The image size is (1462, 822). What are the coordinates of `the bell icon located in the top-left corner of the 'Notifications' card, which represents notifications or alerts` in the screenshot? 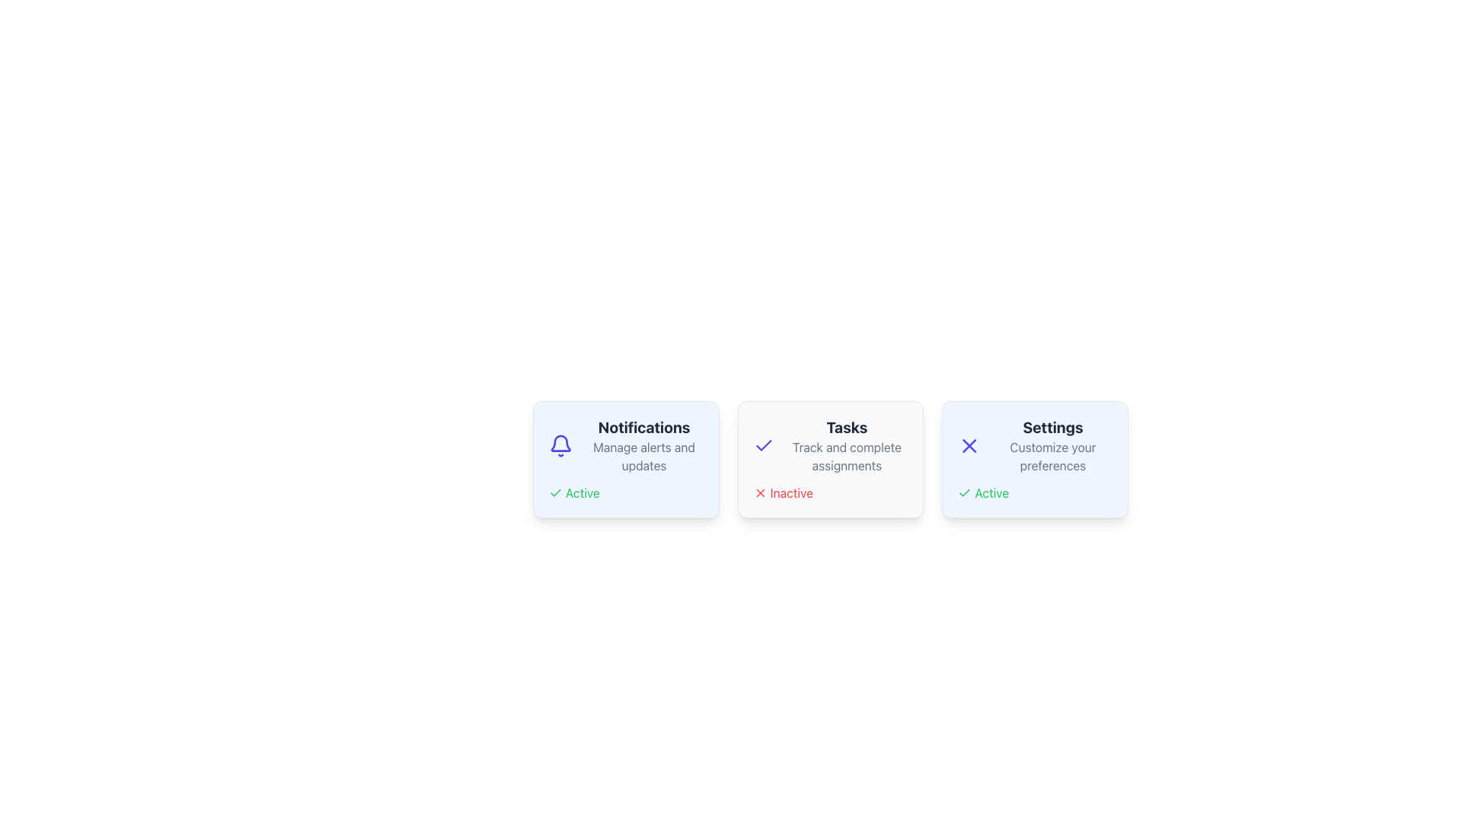 It's located at (560, 443).